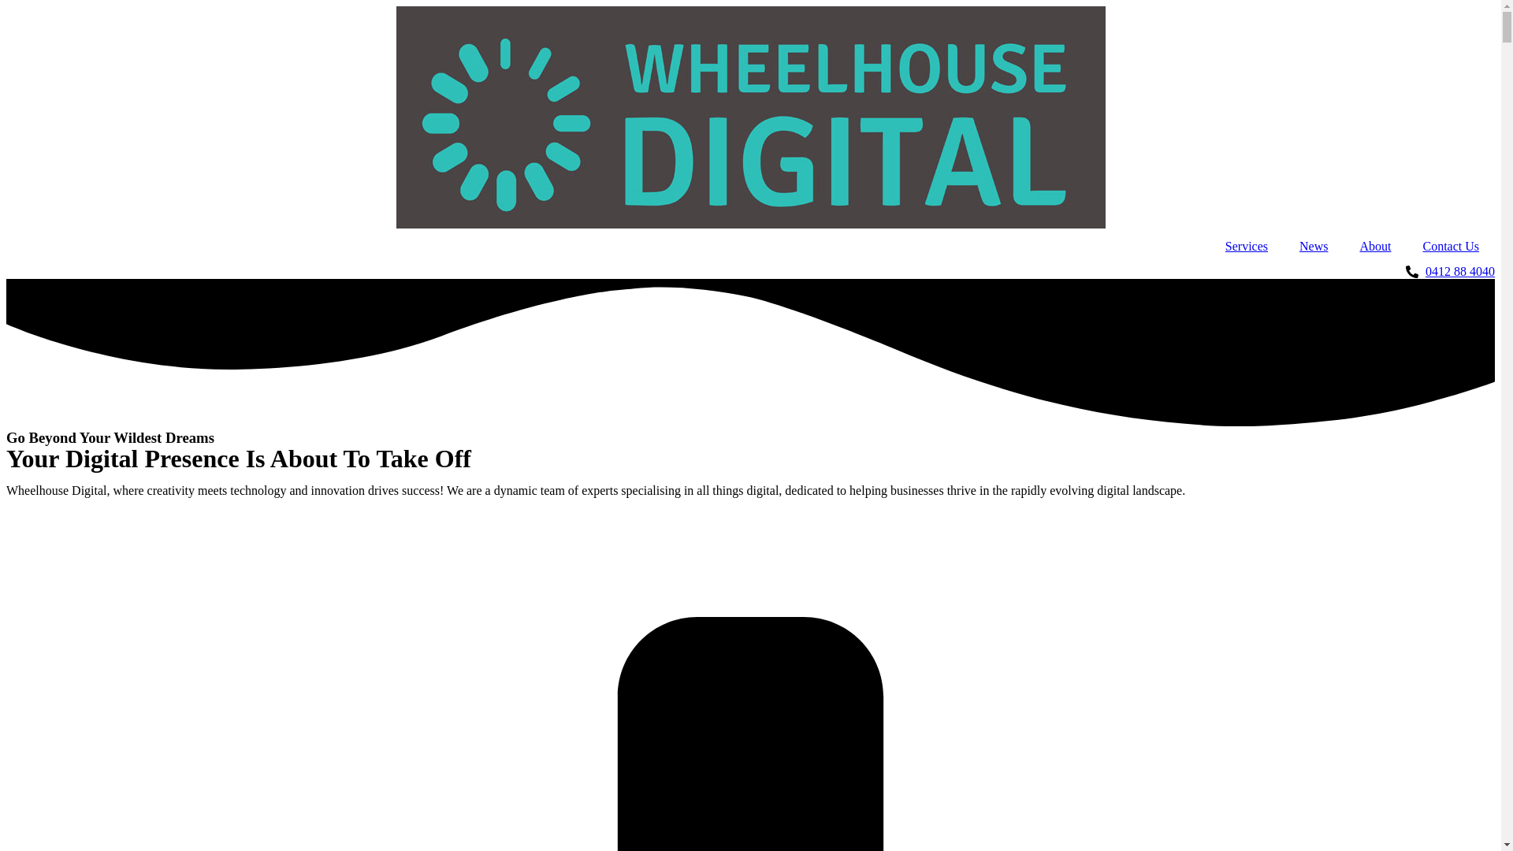 The image size is (1513, 851). Describe the element at coordinates (1246, 246) in the screenshot. I see `'Services'` at that location.